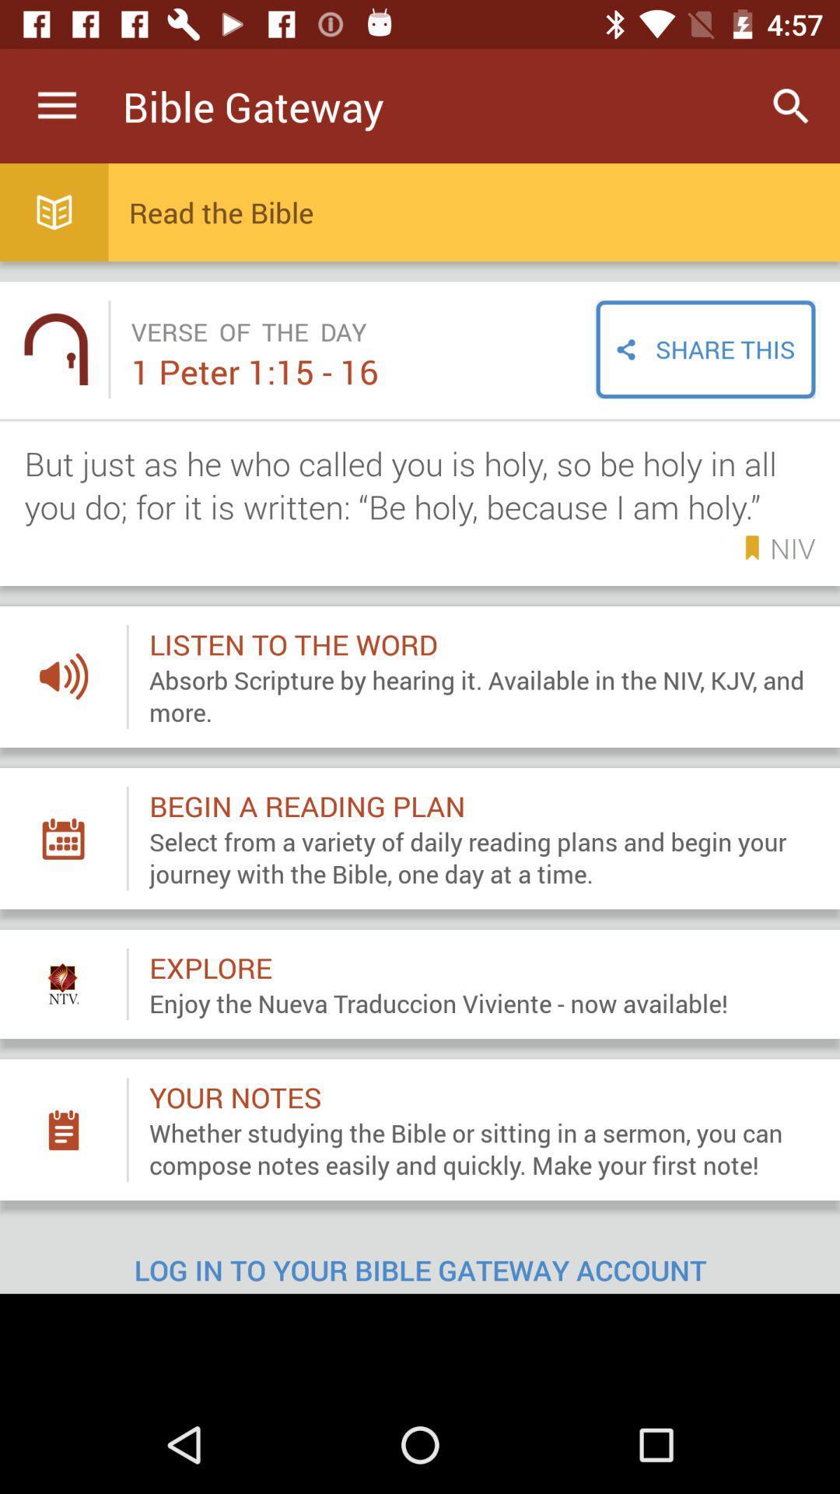 Image resolution: width=840 pixels, height=1494 pixels. Describe the element at coordinates (791, 105) in the screenshot. I see `the item above the read the bible item` at that location.